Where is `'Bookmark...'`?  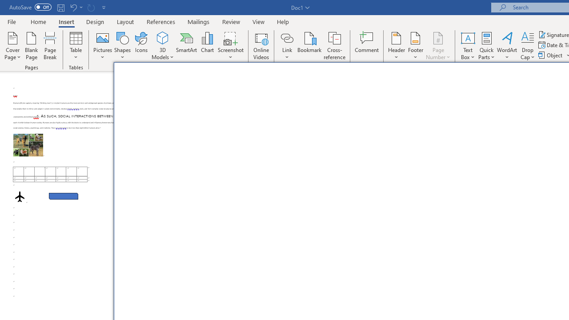 'Bookmark...' is located at coordinates (309, 46).